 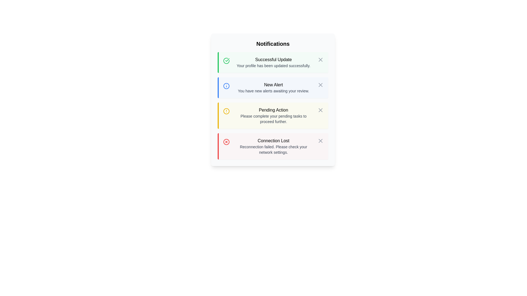 What do you see at coordinates (226, 111) in the screenshot?
I see `the Circle element within the alert symbol of the 'Pending Action' notification, which is highlighted with a yellow background and is the third item in the notification list` at bounding box center [226, 111].